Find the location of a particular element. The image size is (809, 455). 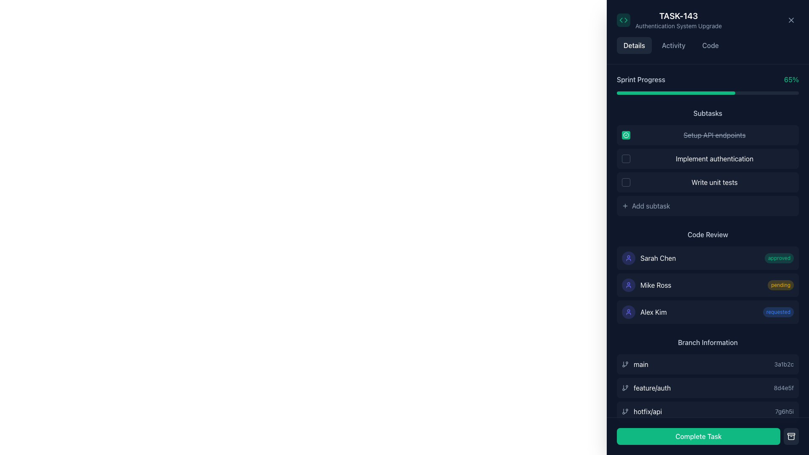

the list item with the checkbox and text 'Implement authentication' is located at coordinates (708, 159).